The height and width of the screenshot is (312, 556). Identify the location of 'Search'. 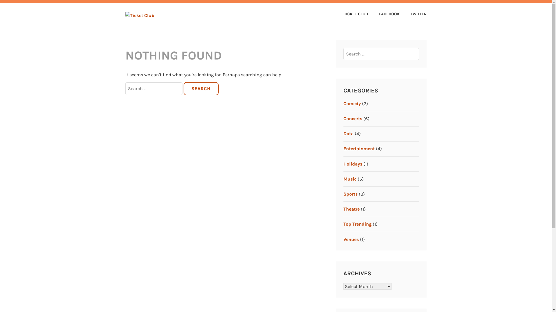
(17, 7).